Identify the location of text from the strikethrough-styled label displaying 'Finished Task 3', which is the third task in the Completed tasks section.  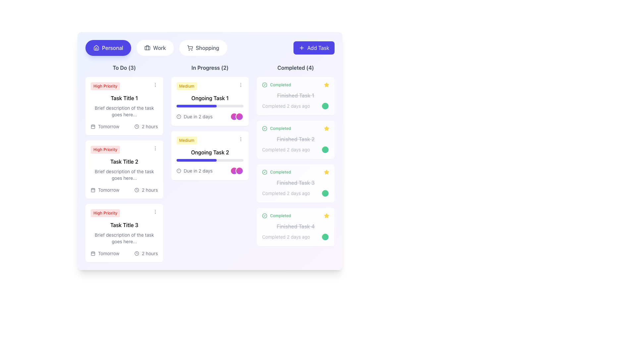
(295, 182).